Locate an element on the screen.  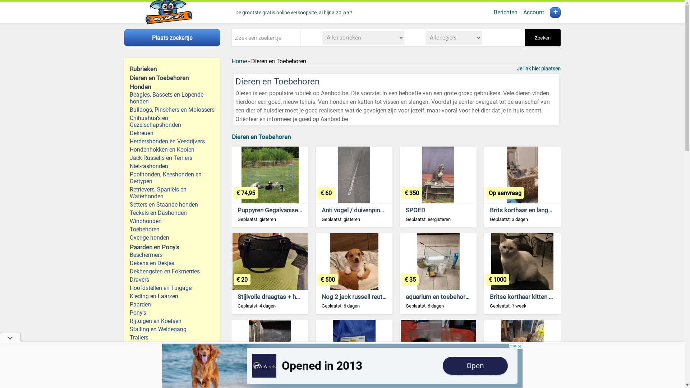
'Overige honden' is located at coordinates (172, 237).